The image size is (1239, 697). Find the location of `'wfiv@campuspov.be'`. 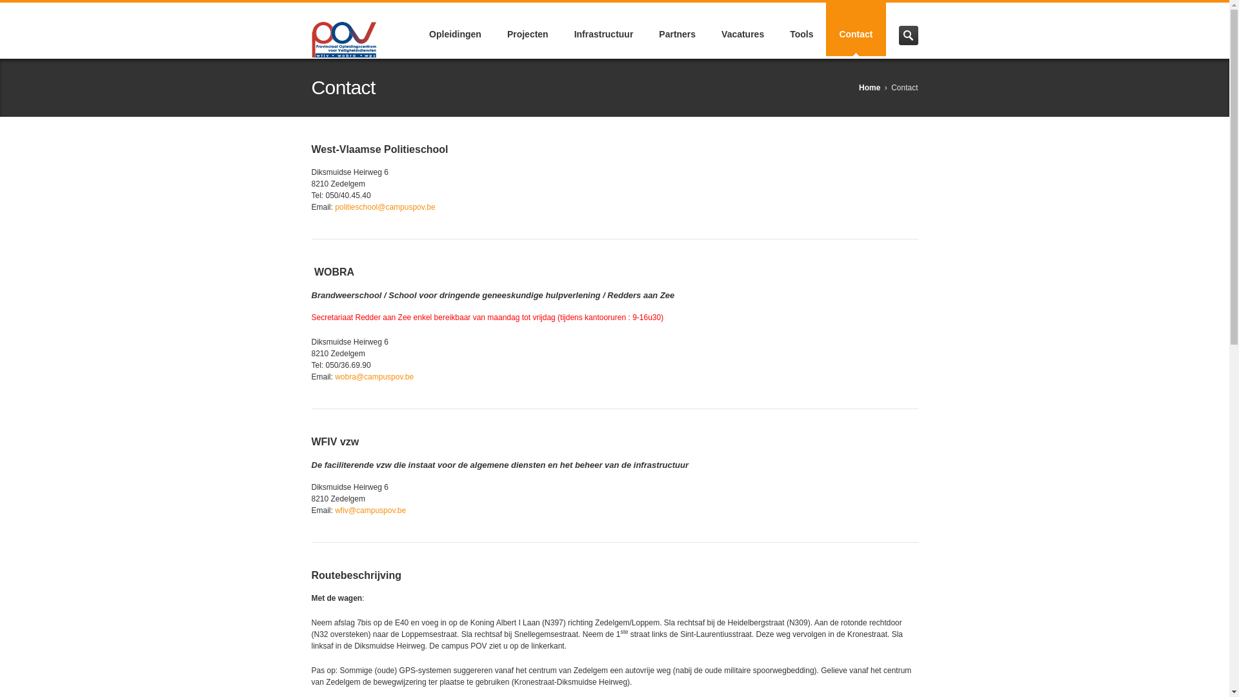

'wfiv@campuspov.be' is located at coordinates (370, 509).